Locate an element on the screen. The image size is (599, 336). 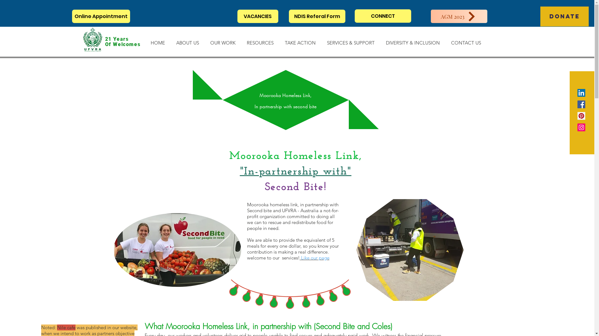
'ABOUT US' is located at coordinates (187, 40).